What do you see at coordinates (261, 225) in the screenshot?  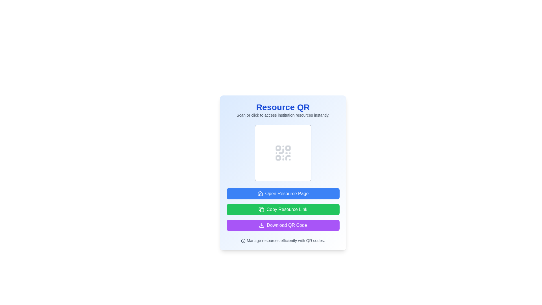 I see `the download icon associated with the 'Download QR Code' button, which is the third button in the vertical group located at the center-bottom of the interface` at bounding box center [261, 225].